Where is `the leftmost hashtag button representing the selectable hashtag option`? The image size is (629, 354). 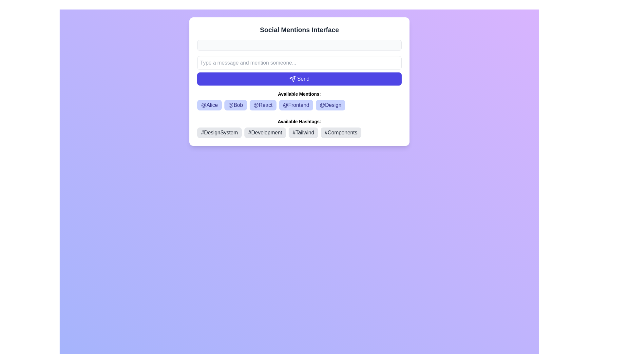 the leftmost hashtag button representing the selectable hashtag option is located at coordinates (219, 133).